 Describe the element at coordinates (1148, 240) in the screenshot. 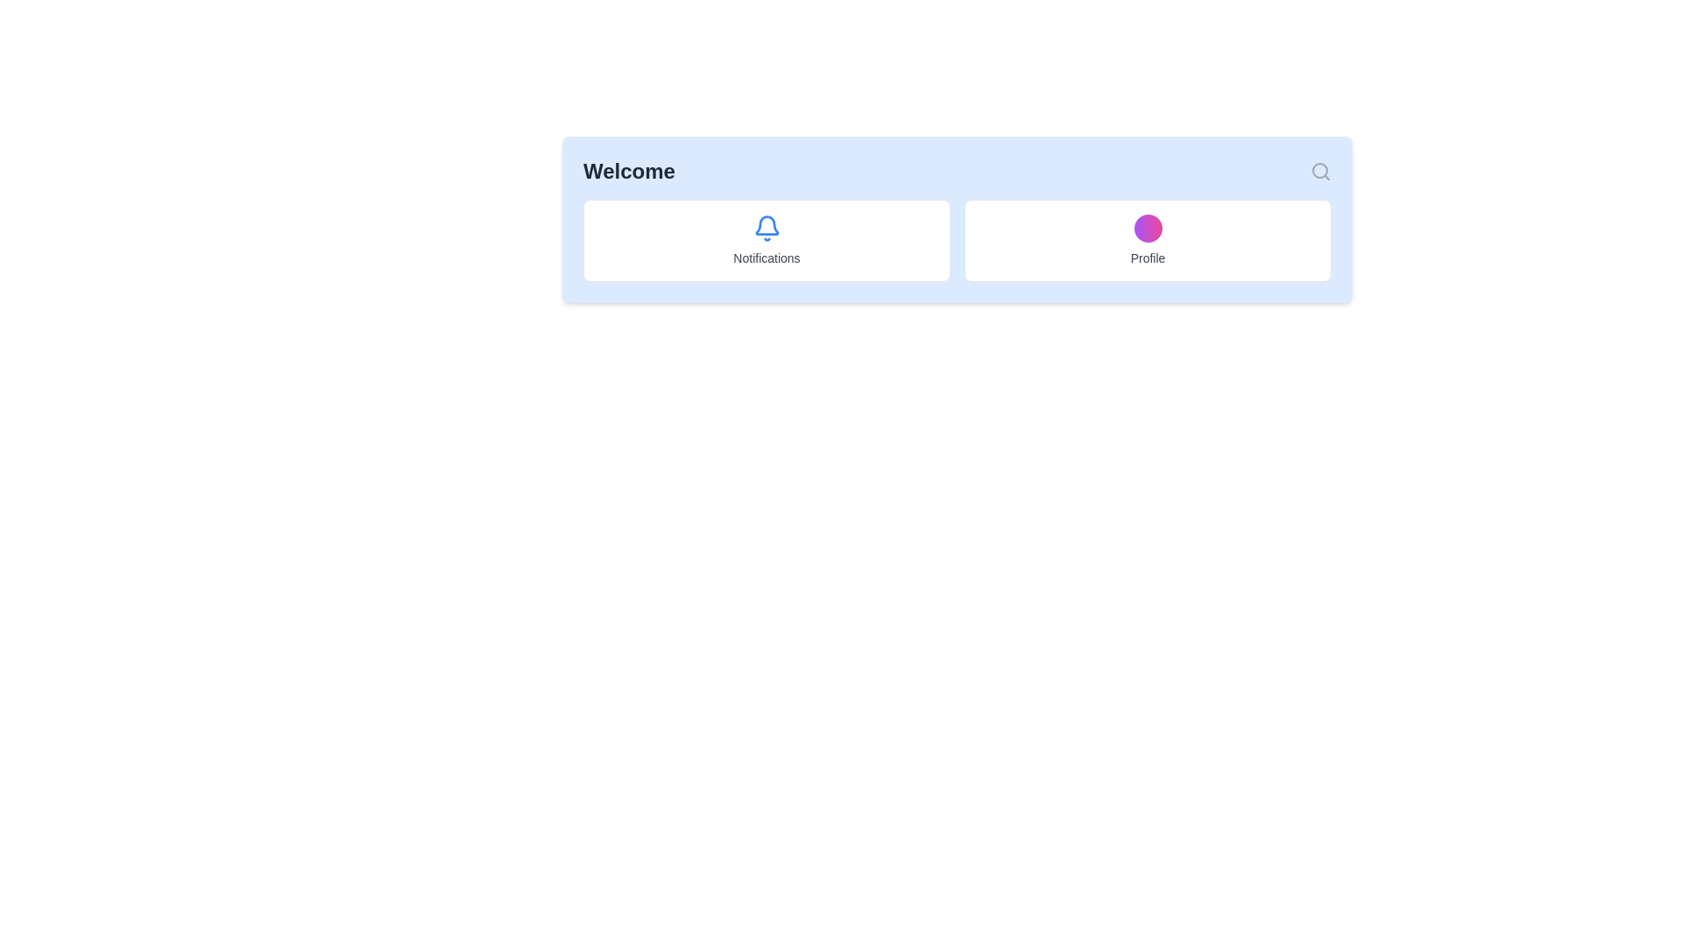

I see `the 'Profile' button located in the right-hand column of the two-column grid layout to potentially see a tooltip` at that location.